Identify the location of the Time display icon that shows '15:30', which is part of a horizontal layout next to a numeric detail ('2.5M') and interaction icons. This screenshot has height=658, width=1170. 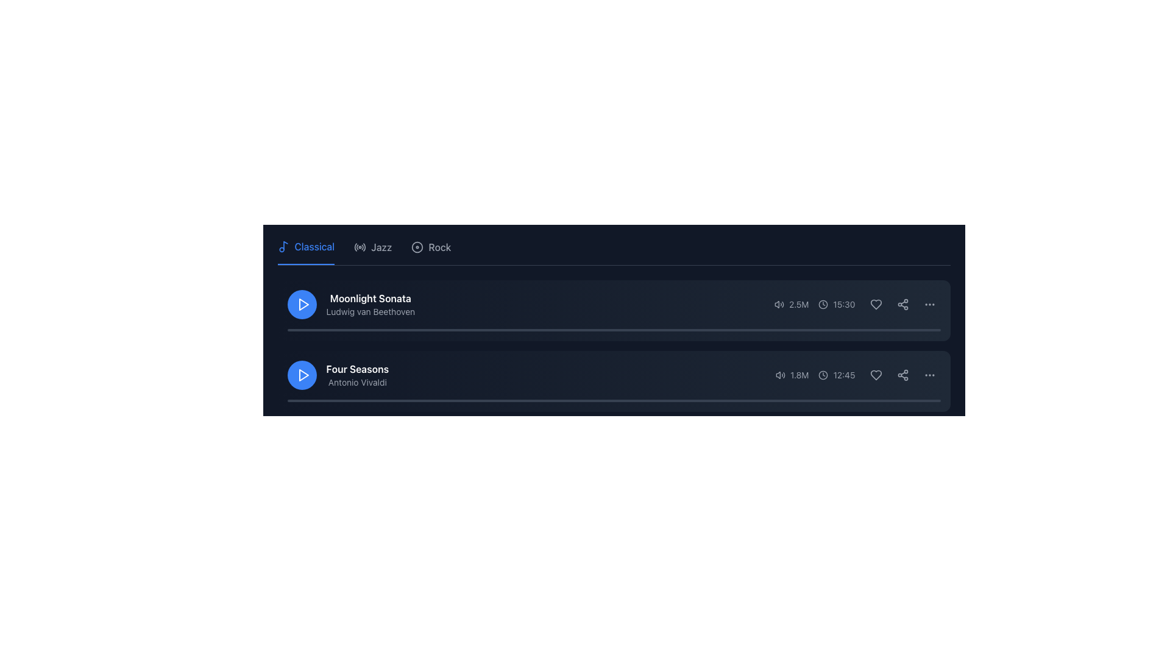
(836, 304).